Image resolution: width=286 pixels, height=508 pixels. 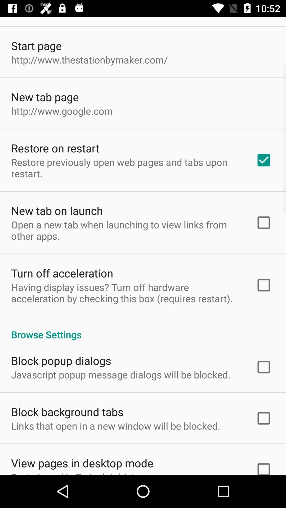 What do you see at coordinates (82, 462) in the screenshot?
I see `the app above the best viewed in icon` at bounding box center [82, 462].